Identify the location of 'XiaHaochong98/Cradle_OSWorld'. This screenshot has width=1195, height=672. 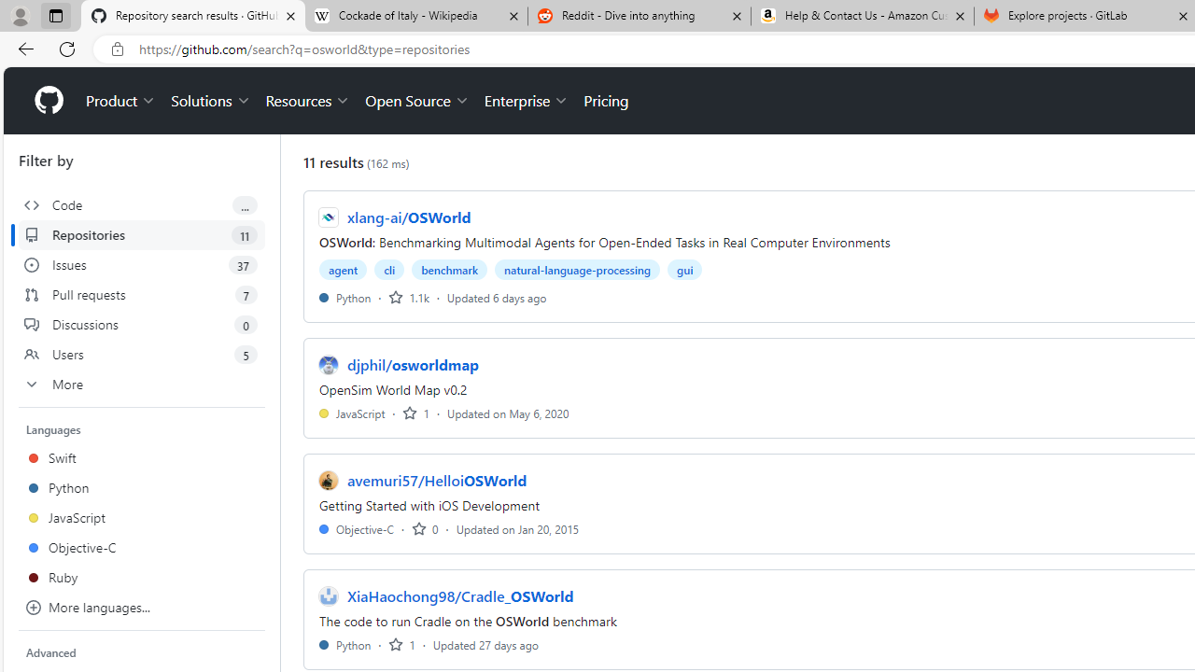
(460, 596).